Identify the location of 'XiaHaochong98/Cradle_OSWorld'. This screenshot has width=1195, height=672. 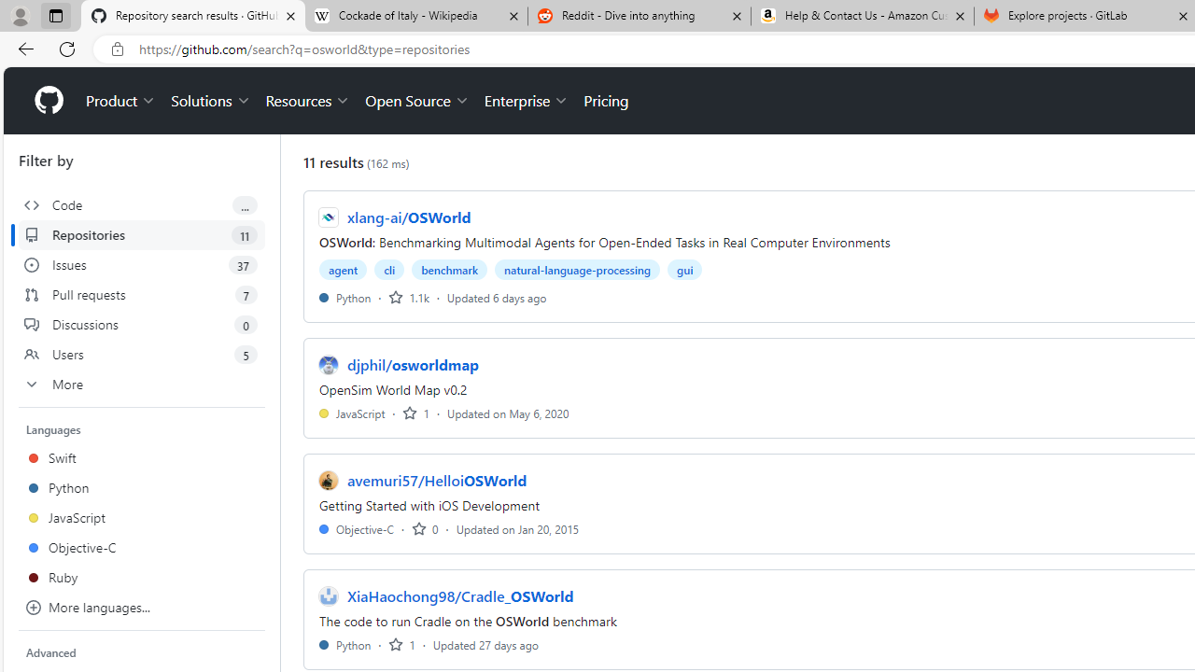
(460, 596).